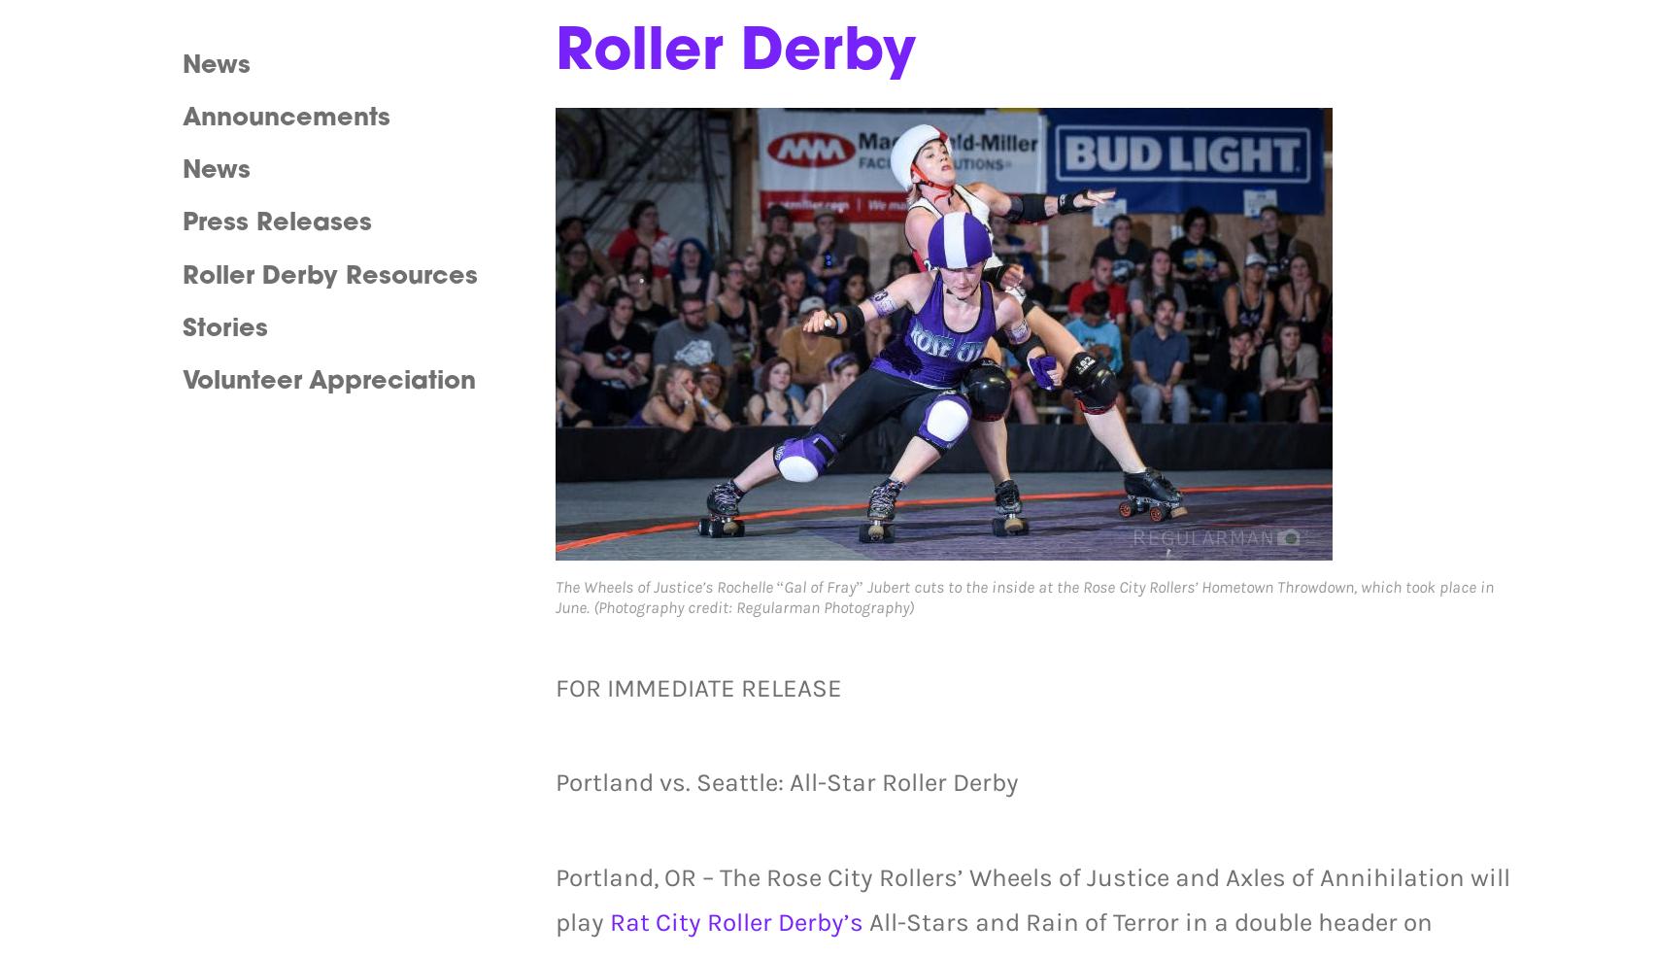 The image size is (1657, 957). What do you see at coordinates (607, 921) in the screenshot?
I see `'Rat City Roller Derby’s'` at bounding box center [607, 921].